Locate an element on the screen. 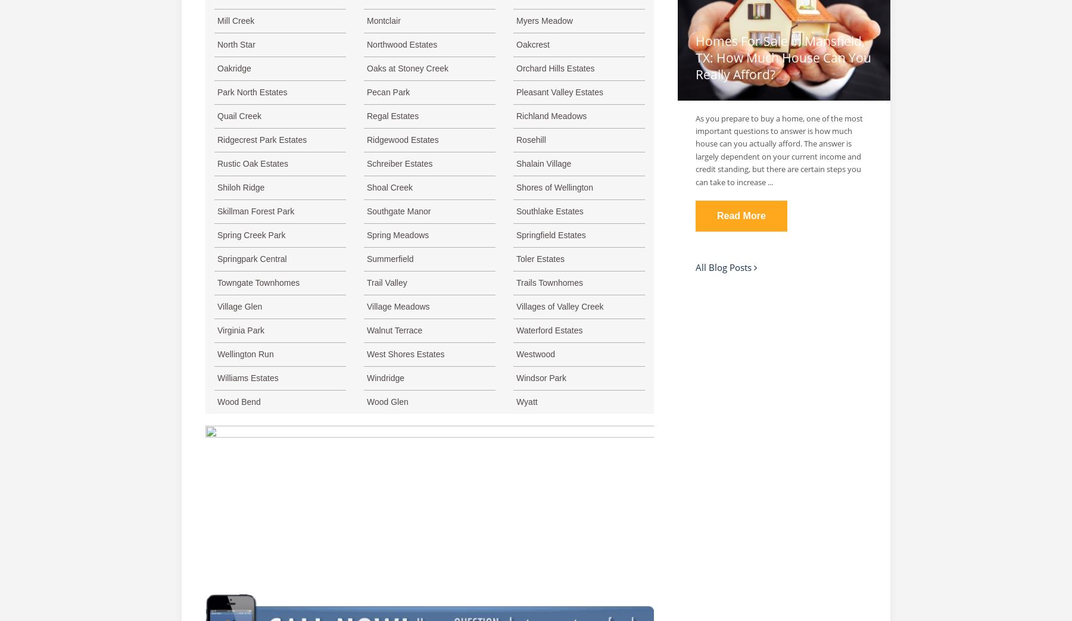  'Wellington Run' is located at coordinates (245, 354).